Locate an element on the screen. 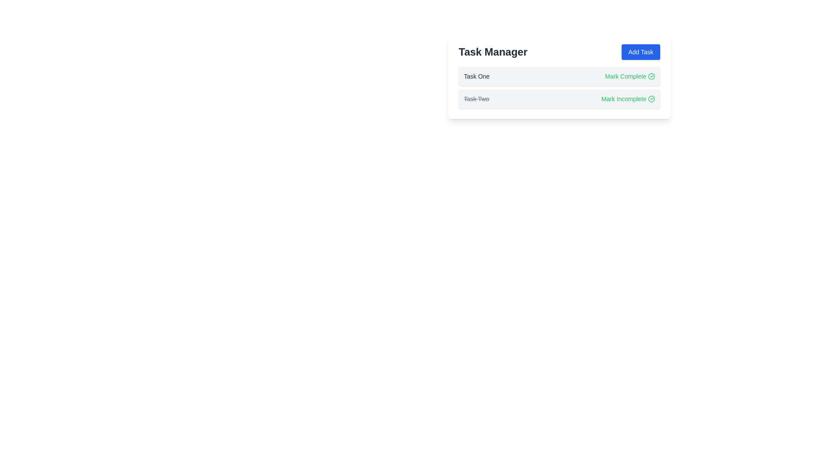 The width and height of the screenshot is (834, 469). the small circular icon with a green border and a check mark inside, located to the right of the 'Mark Complete' text in the row labeled 'Task One', to mark the task as complete is located at coordinates (651, 76).